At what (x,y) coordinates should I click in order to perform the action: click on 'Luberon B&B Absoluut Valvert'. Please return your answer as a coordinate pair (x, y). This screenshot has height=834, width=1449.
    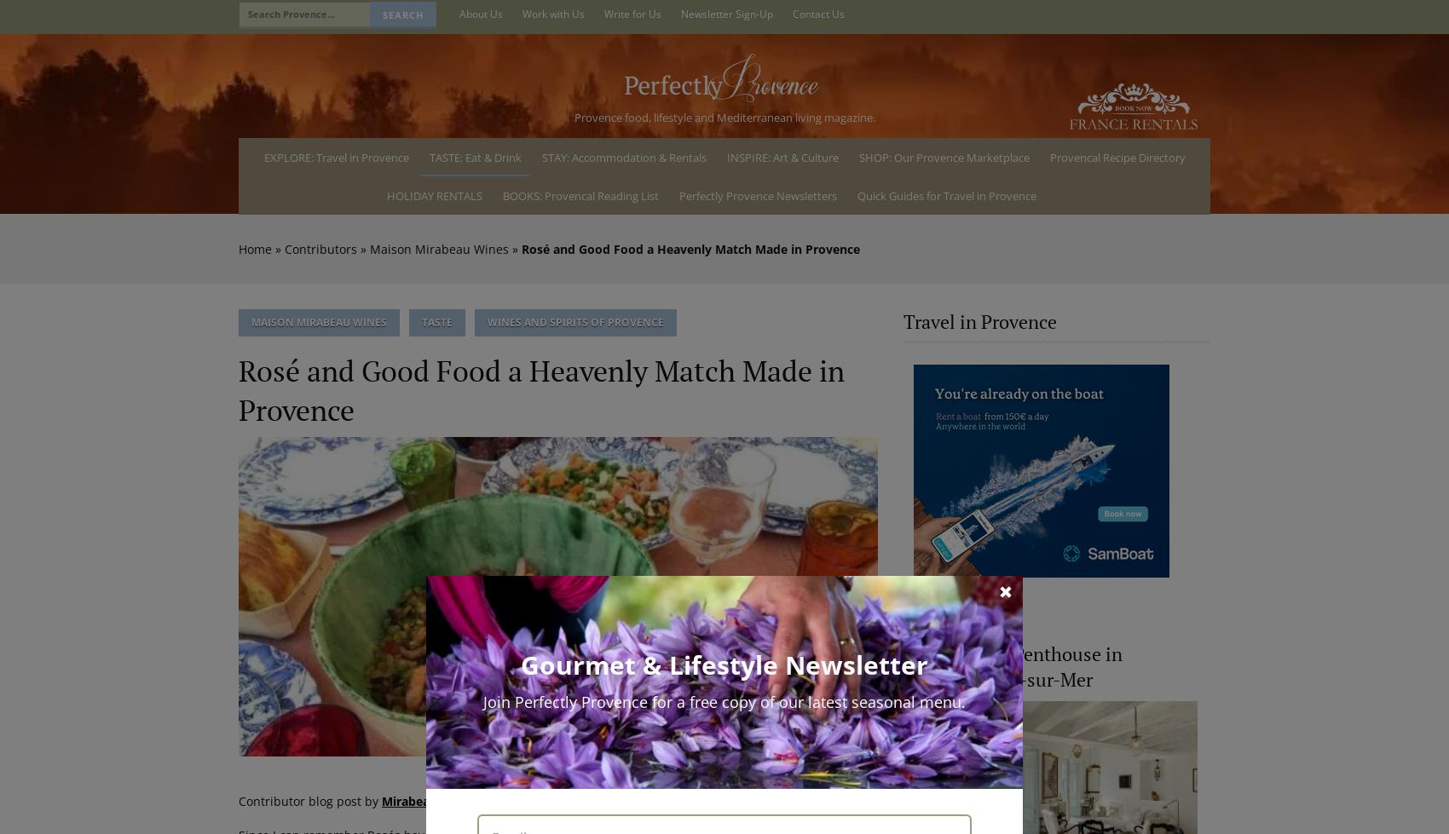
    Looking at the image, I should click on (609, 653).